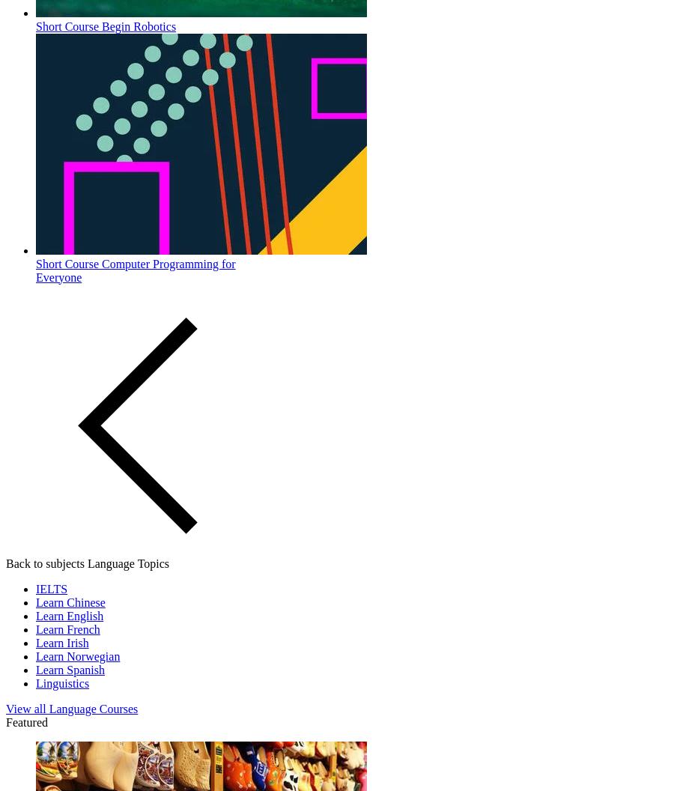 The width and height of the screenshot is (680, 791). What do you see at coordinates (61, 642) in the screenshot?
I see `'Learn Irish'` at bounding box center [61, 642].